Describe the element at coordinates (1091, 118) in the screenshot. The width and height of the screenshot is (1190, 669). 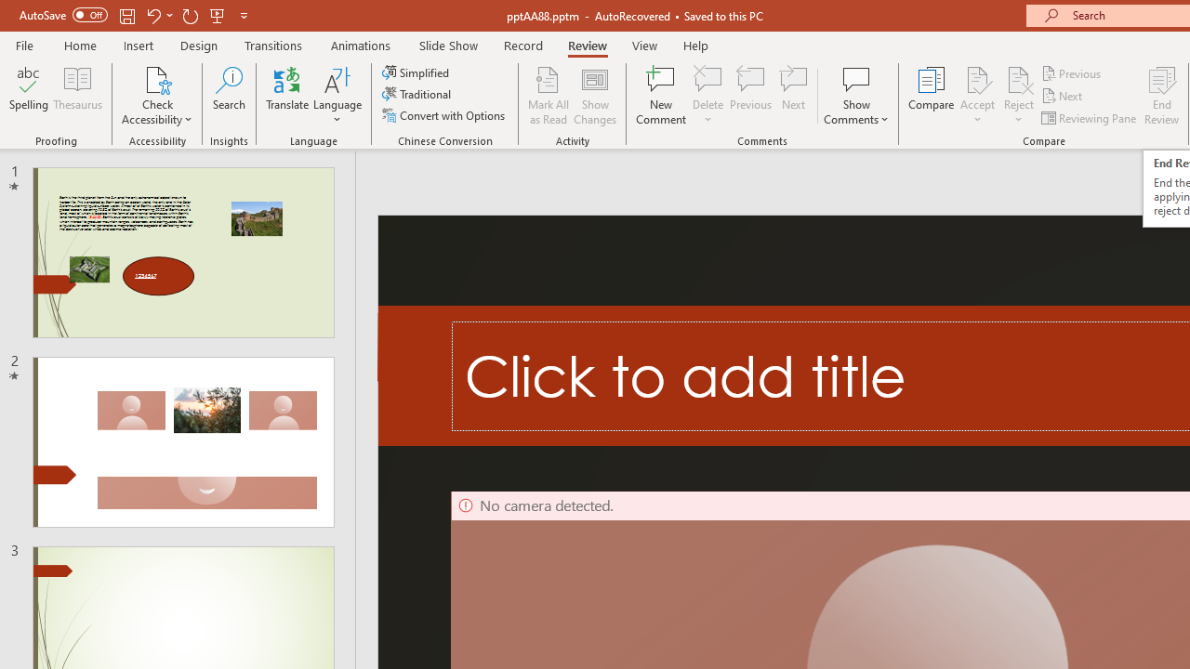
I see `'Reviewing Pane'` at that location.